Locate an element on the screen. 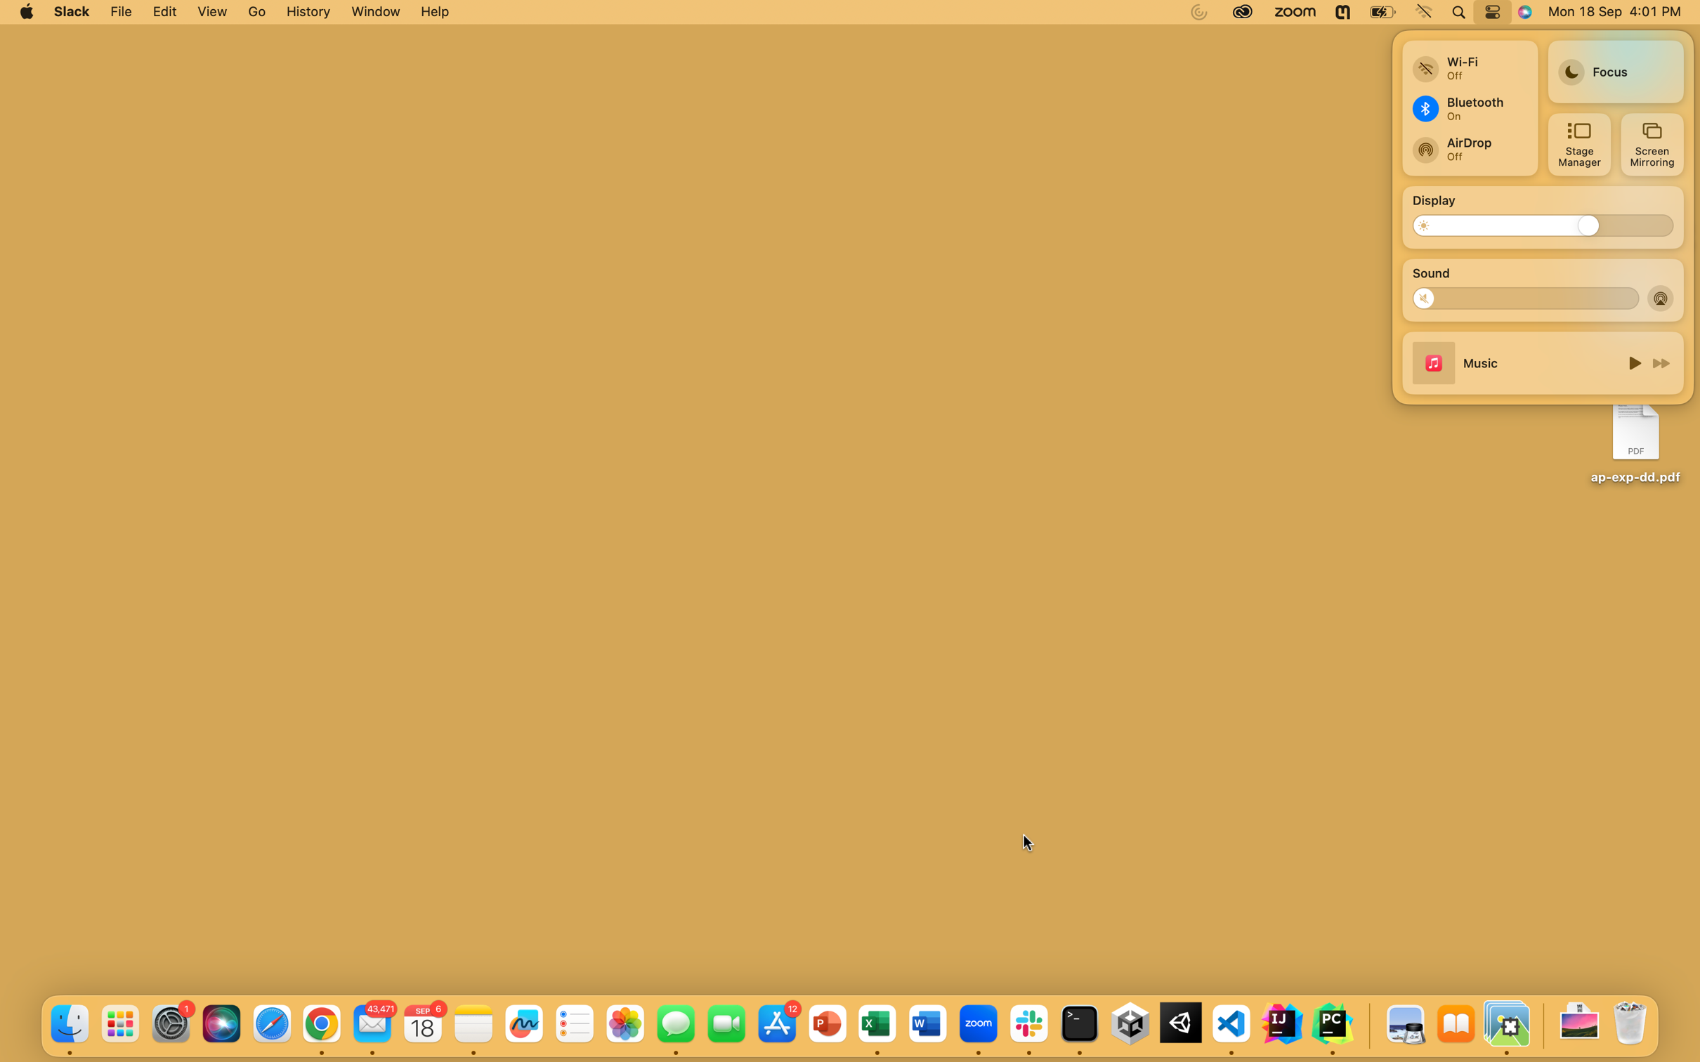 This screenshot has width=1700, height=1062. Connect to a bluetooth device is located at coordinates (1467, 107).